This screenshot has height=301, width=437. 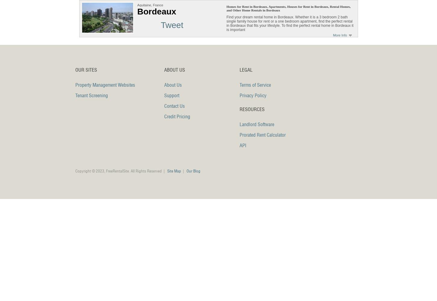 What do you see at coordinates (239, 85) in the screenshot?
I see `'Terms of Service'` at bounding box center [239, 85].